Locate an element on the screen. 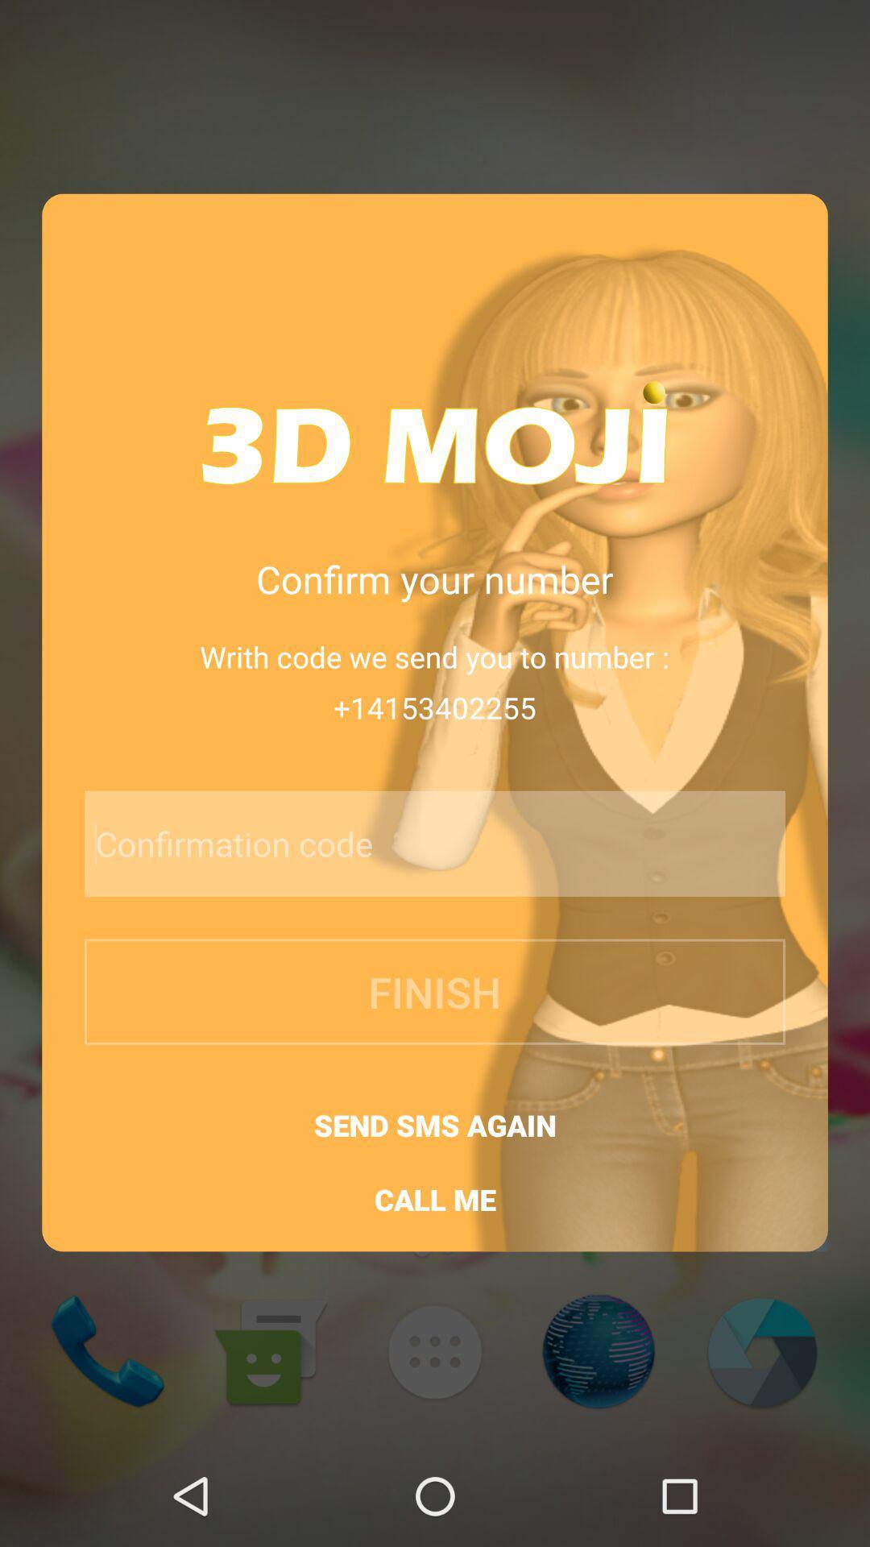 This screenshot has width=870, height=1547. icon below +14153402255 is located at coordinates (392, 843).